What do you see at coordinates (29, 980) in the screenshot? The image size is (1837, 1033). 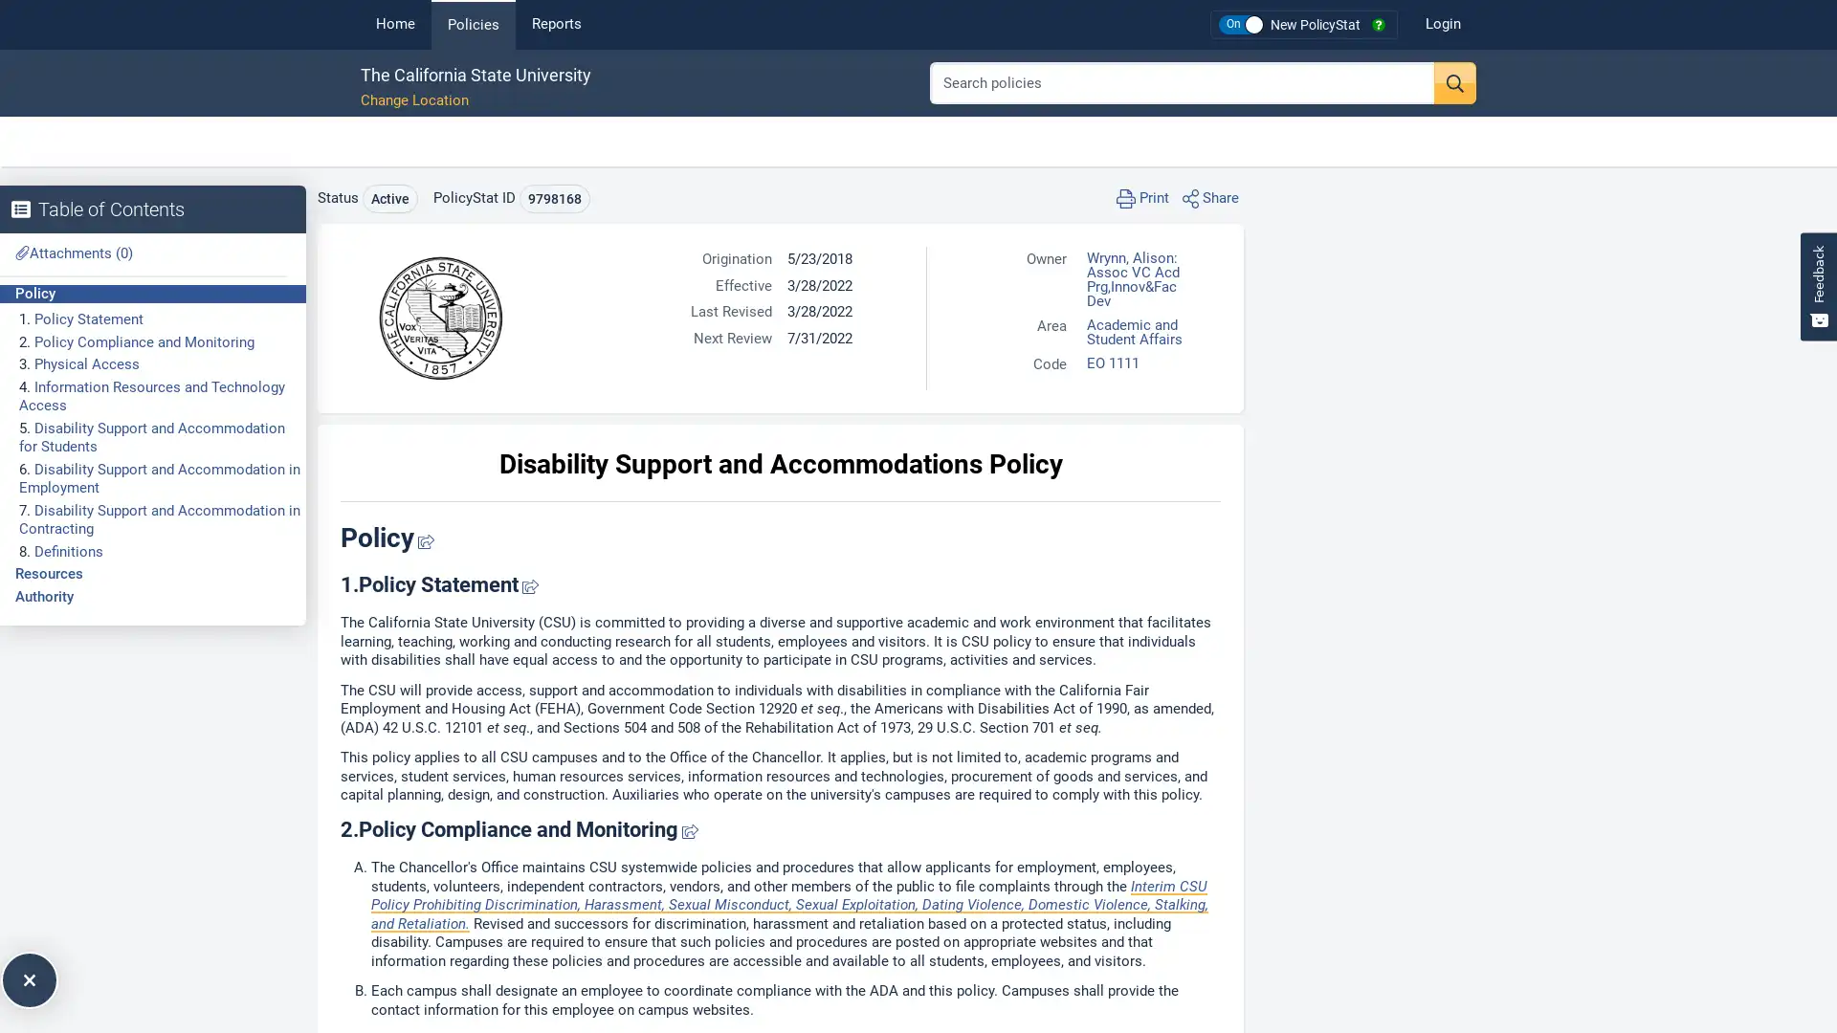 I see `Expand Table of Contents` at bounding box center [29, 980].